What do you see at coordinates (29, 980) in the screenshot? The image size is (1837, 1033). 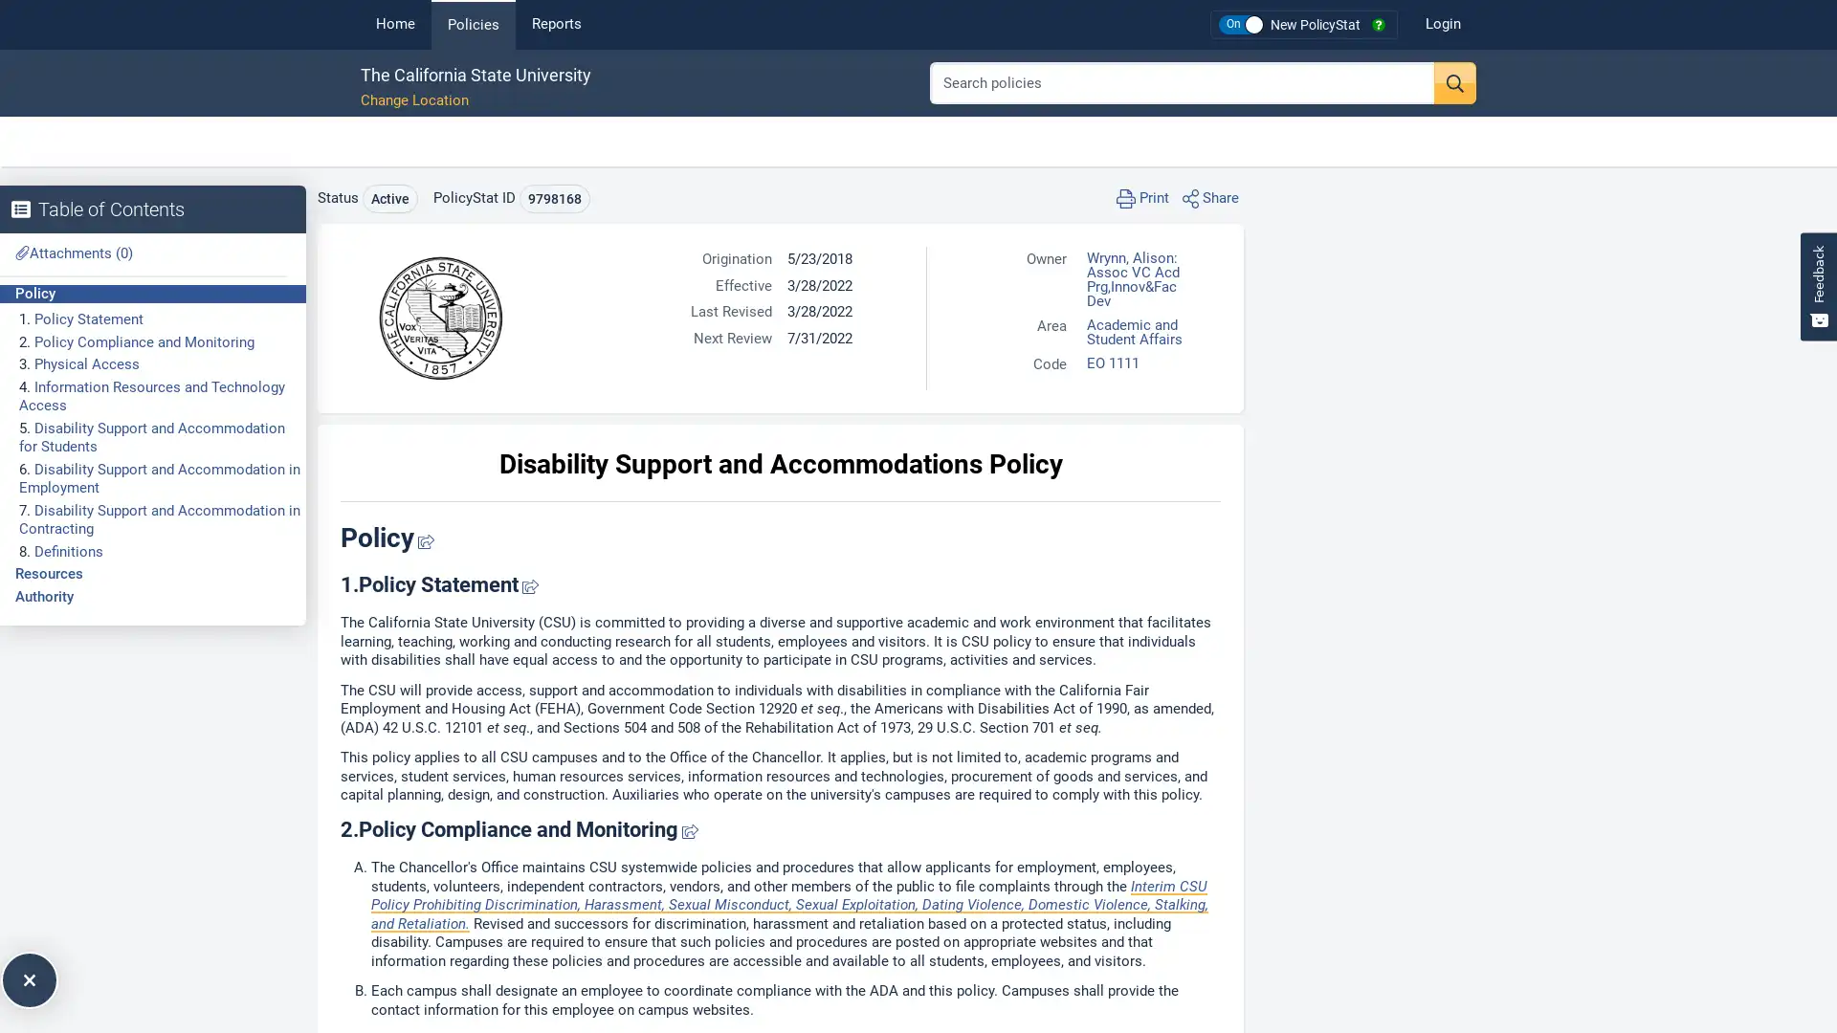 I see `Expand Table of Contents` at bounding box center [29, 980].